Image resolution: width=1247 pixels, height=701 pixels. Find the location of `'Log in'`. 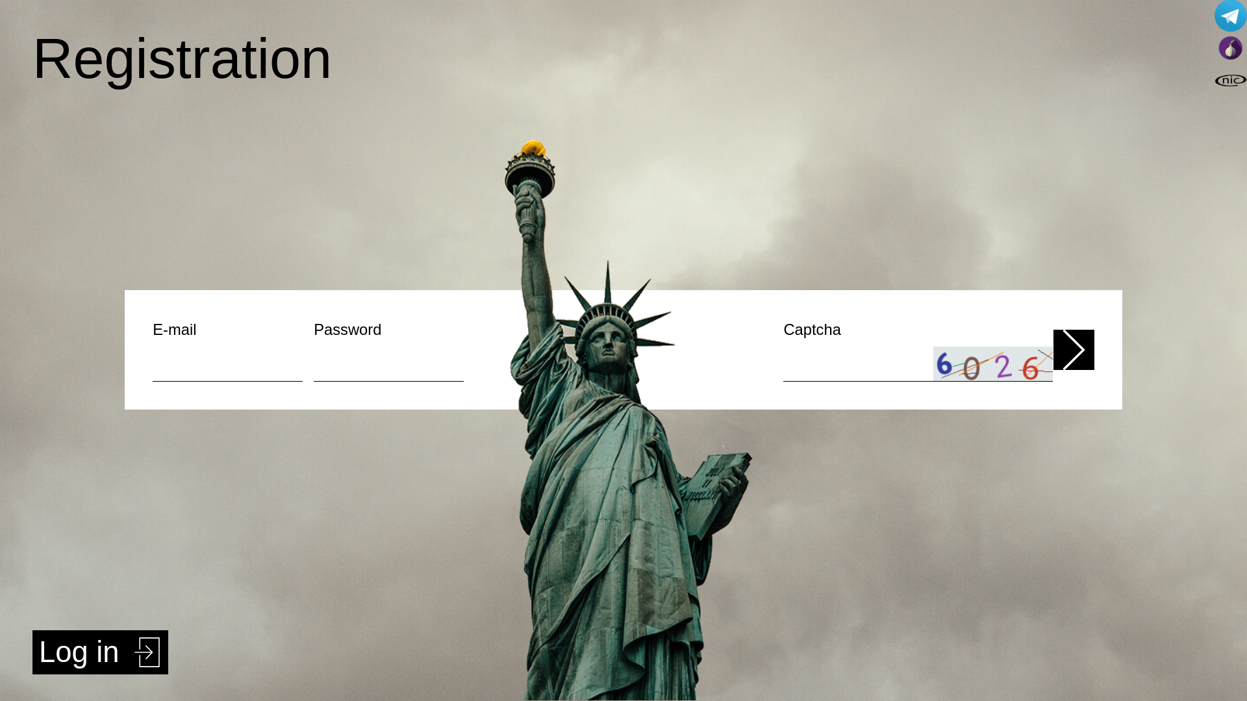

'Log in' is located at coordinates (99, 652).